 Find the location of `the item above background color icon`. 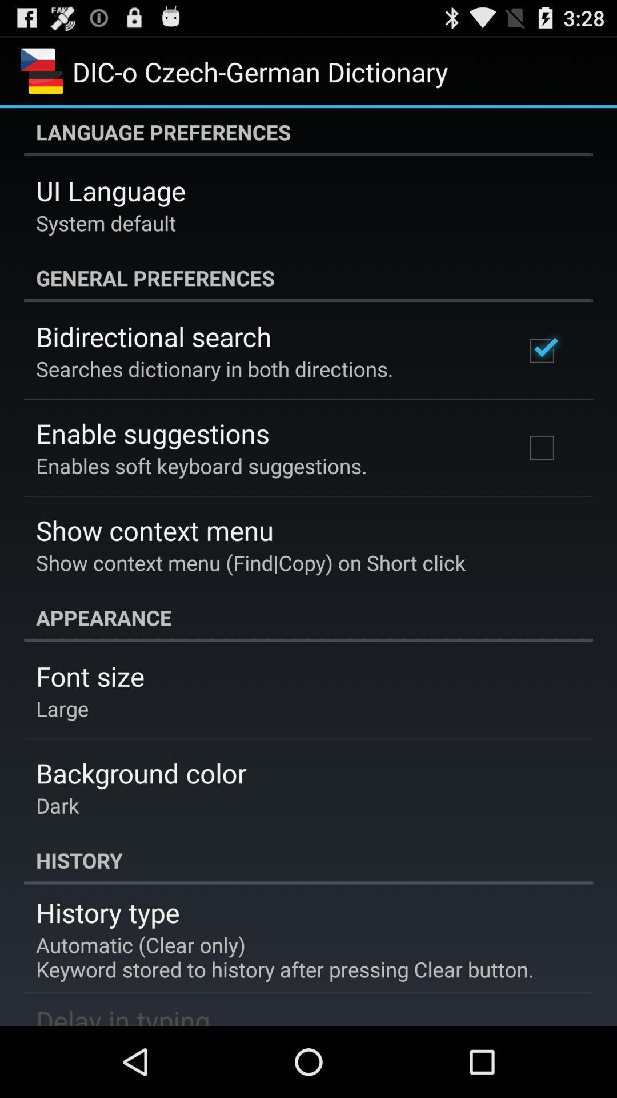

the item above background color icon is located at coordinates (62, 707).